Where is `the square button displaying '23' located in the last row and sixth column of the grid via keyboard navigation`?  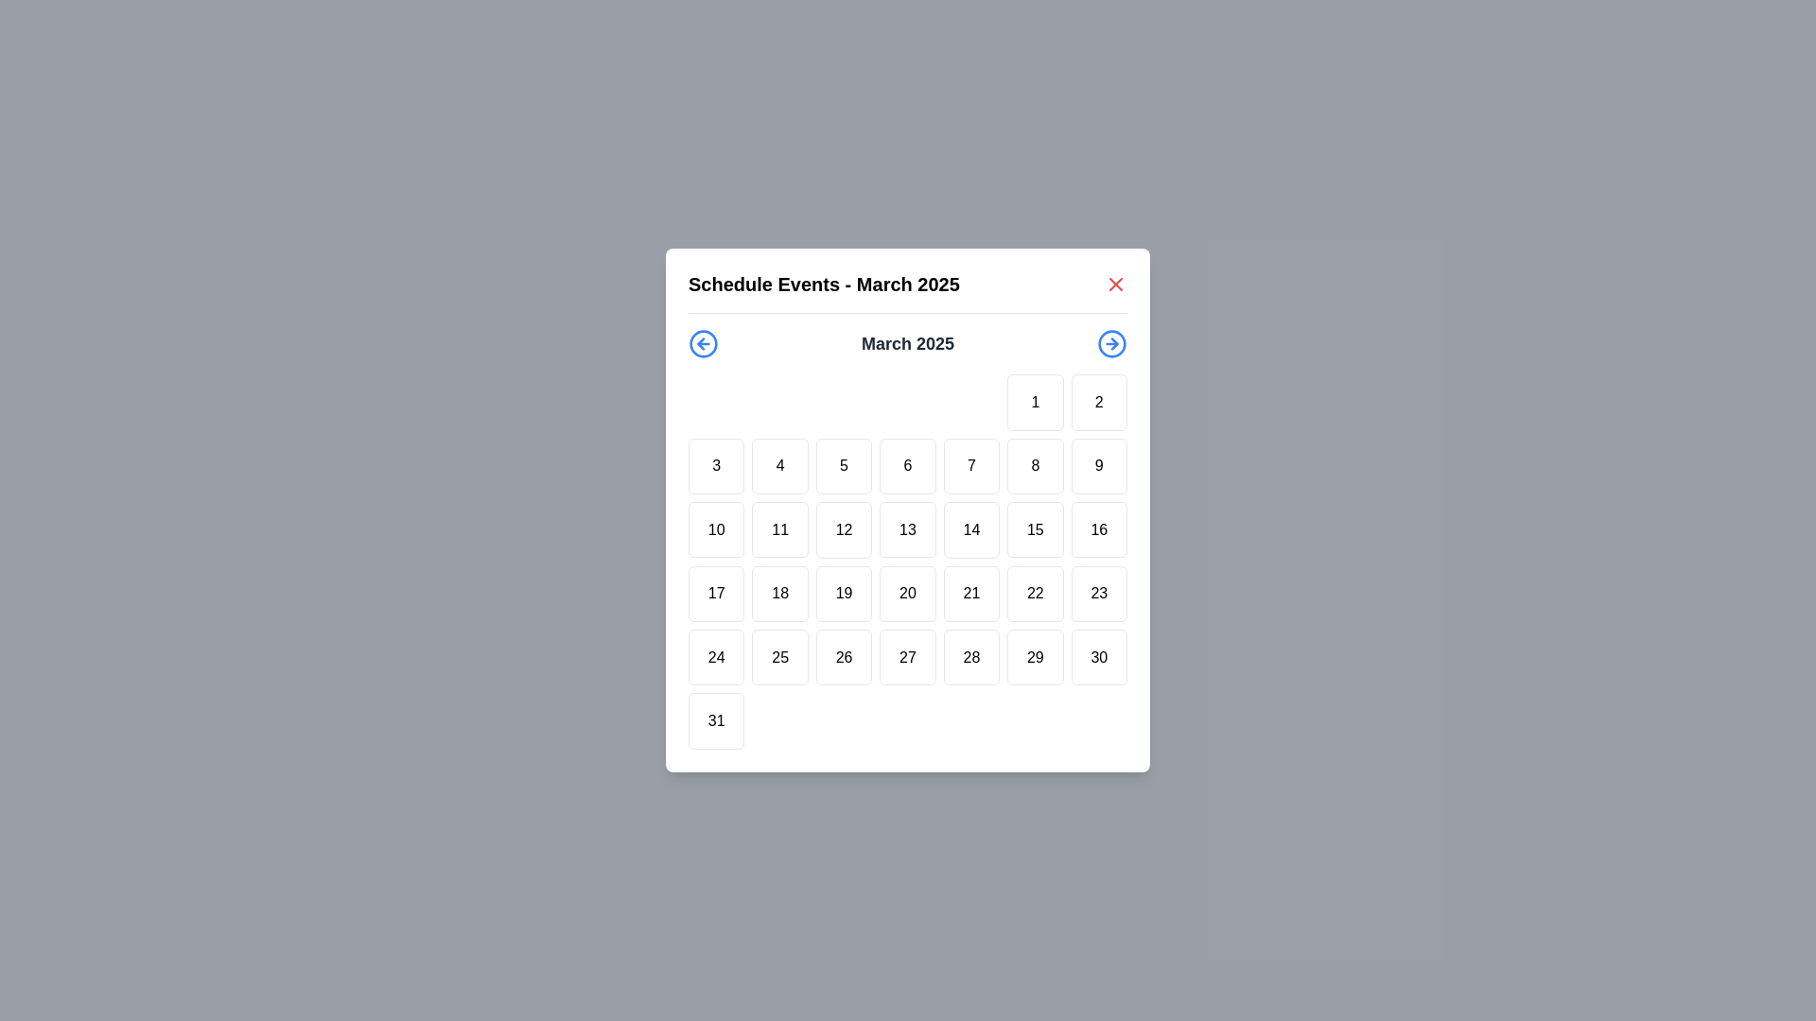 the square button displaying '23' located in the last row and sixth column of the grid via keyboard navigation is located at coordinates (1099, 593).